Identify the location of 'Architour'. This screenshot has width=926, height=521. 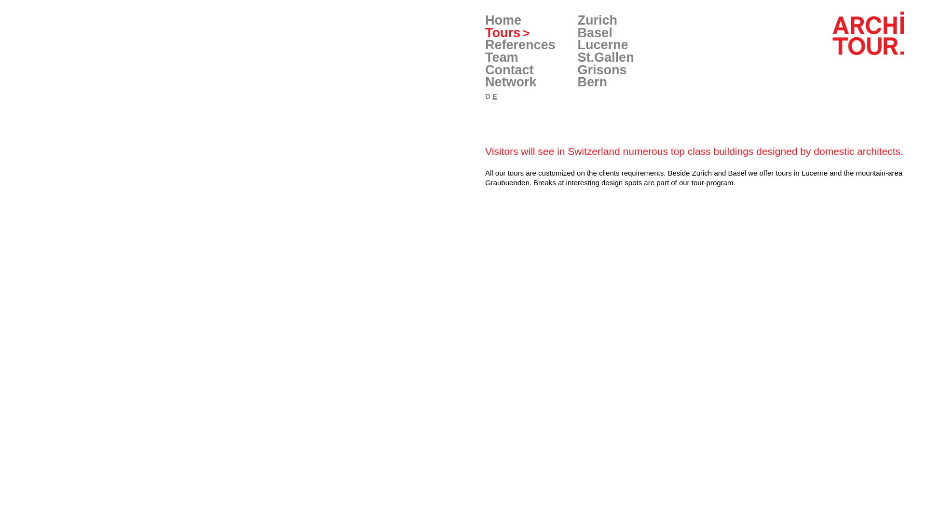
(833, 33).